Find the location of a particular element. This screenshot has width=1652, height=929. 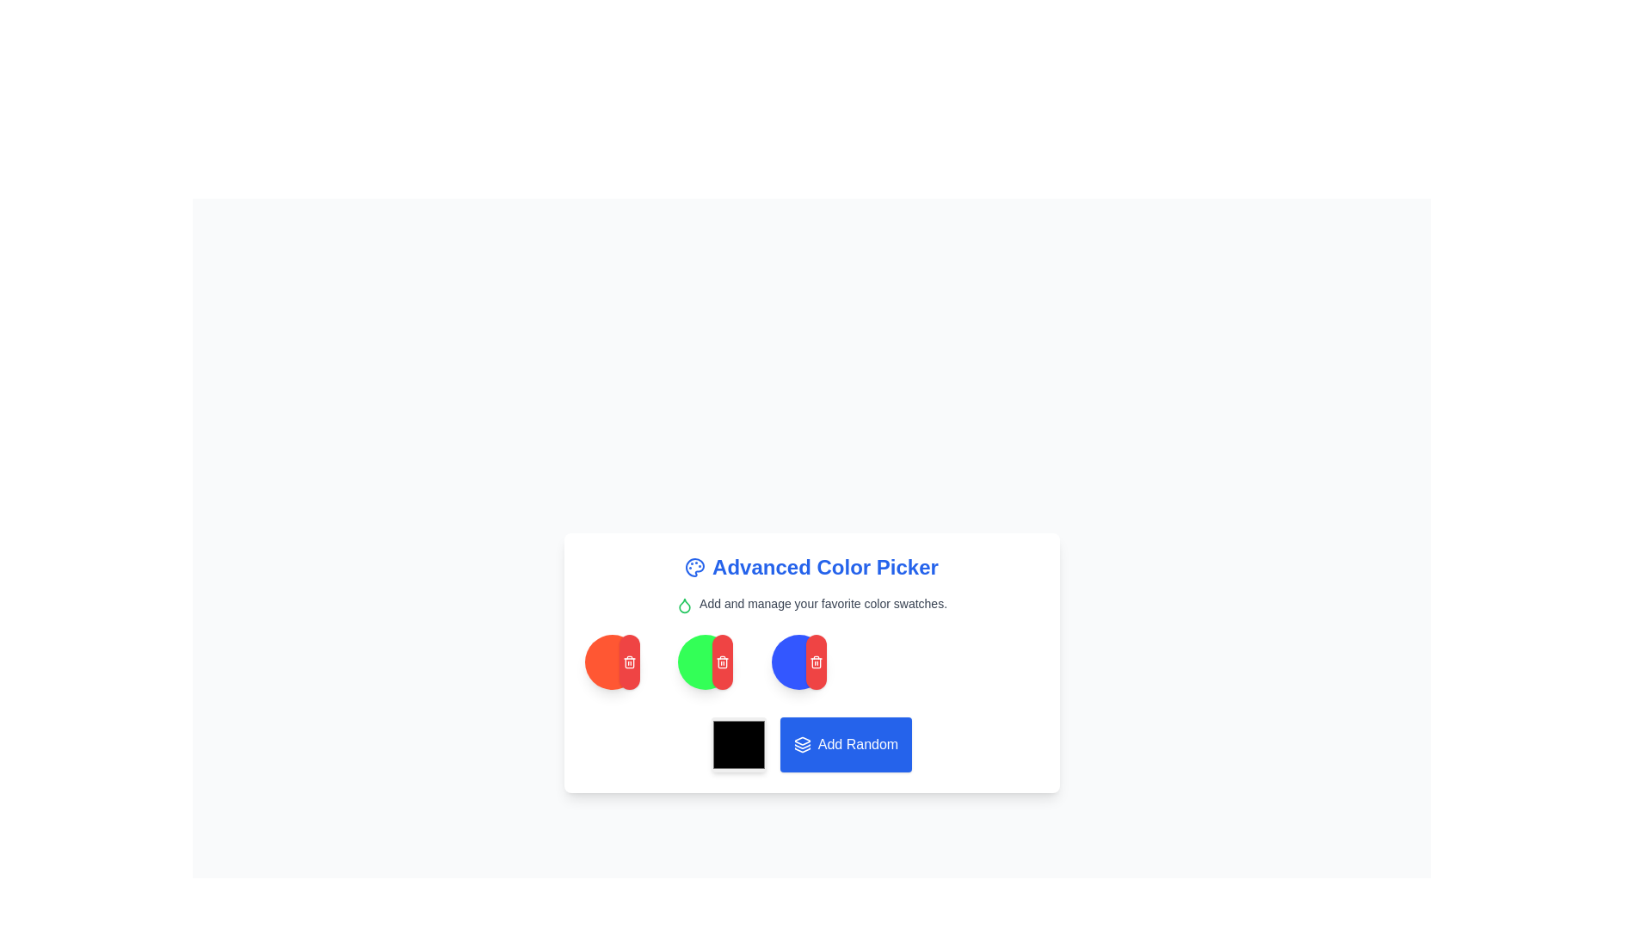

the delete button located on the right side of the green circular area within the middle swatch element in the row of color swatches is located at coordinates (723, 661).